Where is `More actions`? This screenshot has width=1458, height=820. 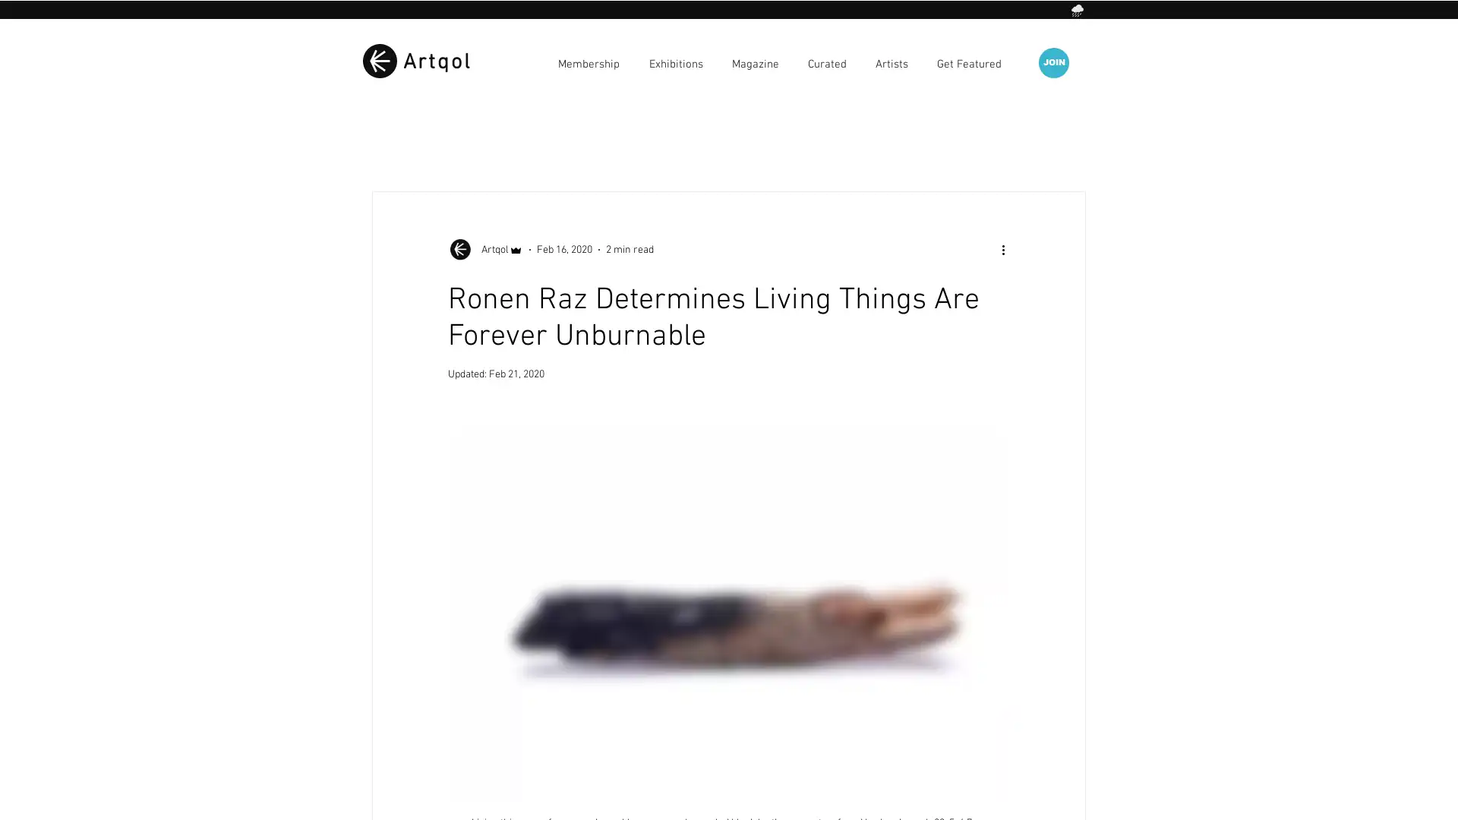 More actions is located at coordinates (1008, 248).